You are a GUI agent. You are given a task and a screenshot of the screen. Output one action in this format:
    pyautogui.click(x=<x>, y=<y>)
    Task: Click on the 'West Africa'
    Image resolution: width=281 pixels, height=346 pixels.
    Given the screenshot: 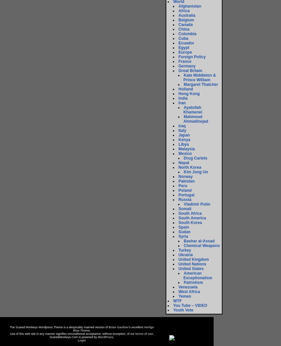 What is the action you would take?
    pyautogui.click(x=189, y=292)
    